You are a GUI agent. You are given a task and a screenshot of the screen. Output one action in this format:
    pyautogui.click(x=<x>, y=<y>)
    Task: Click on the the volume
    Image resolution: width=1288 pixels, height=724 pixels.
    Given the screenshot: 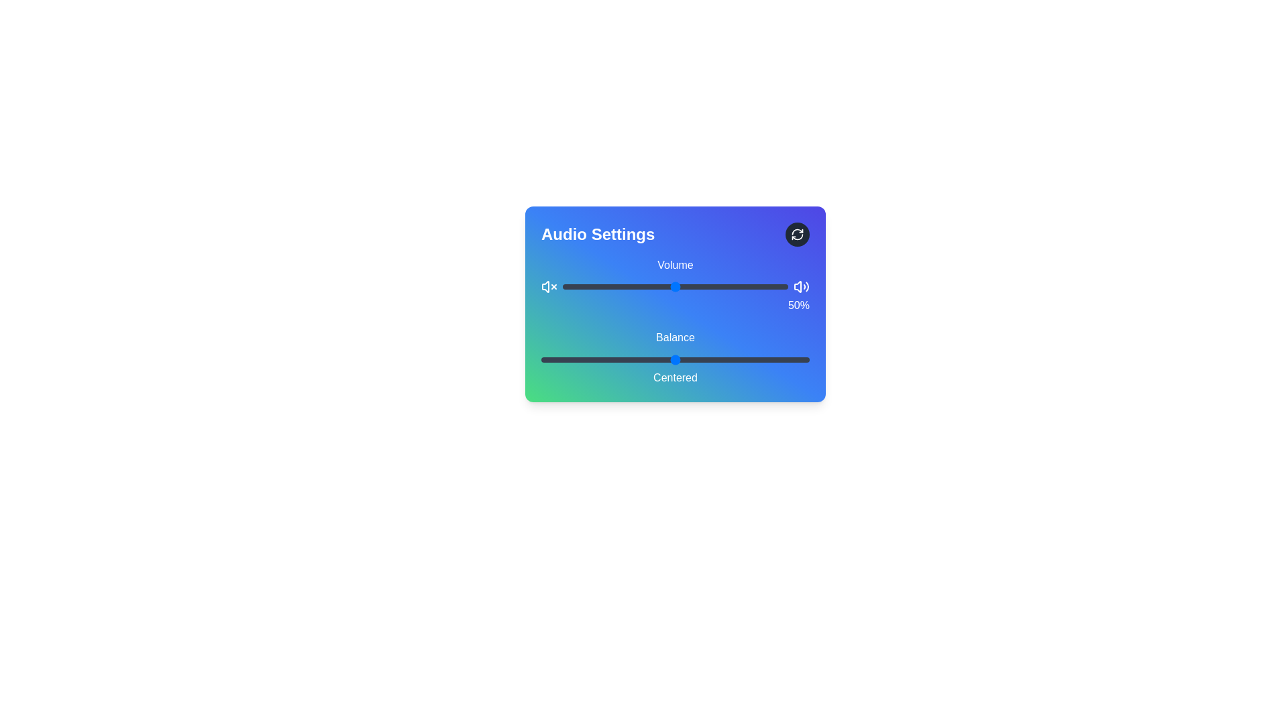 What is the action you would take?
    pyautogui.click(x=634, y=286)
    